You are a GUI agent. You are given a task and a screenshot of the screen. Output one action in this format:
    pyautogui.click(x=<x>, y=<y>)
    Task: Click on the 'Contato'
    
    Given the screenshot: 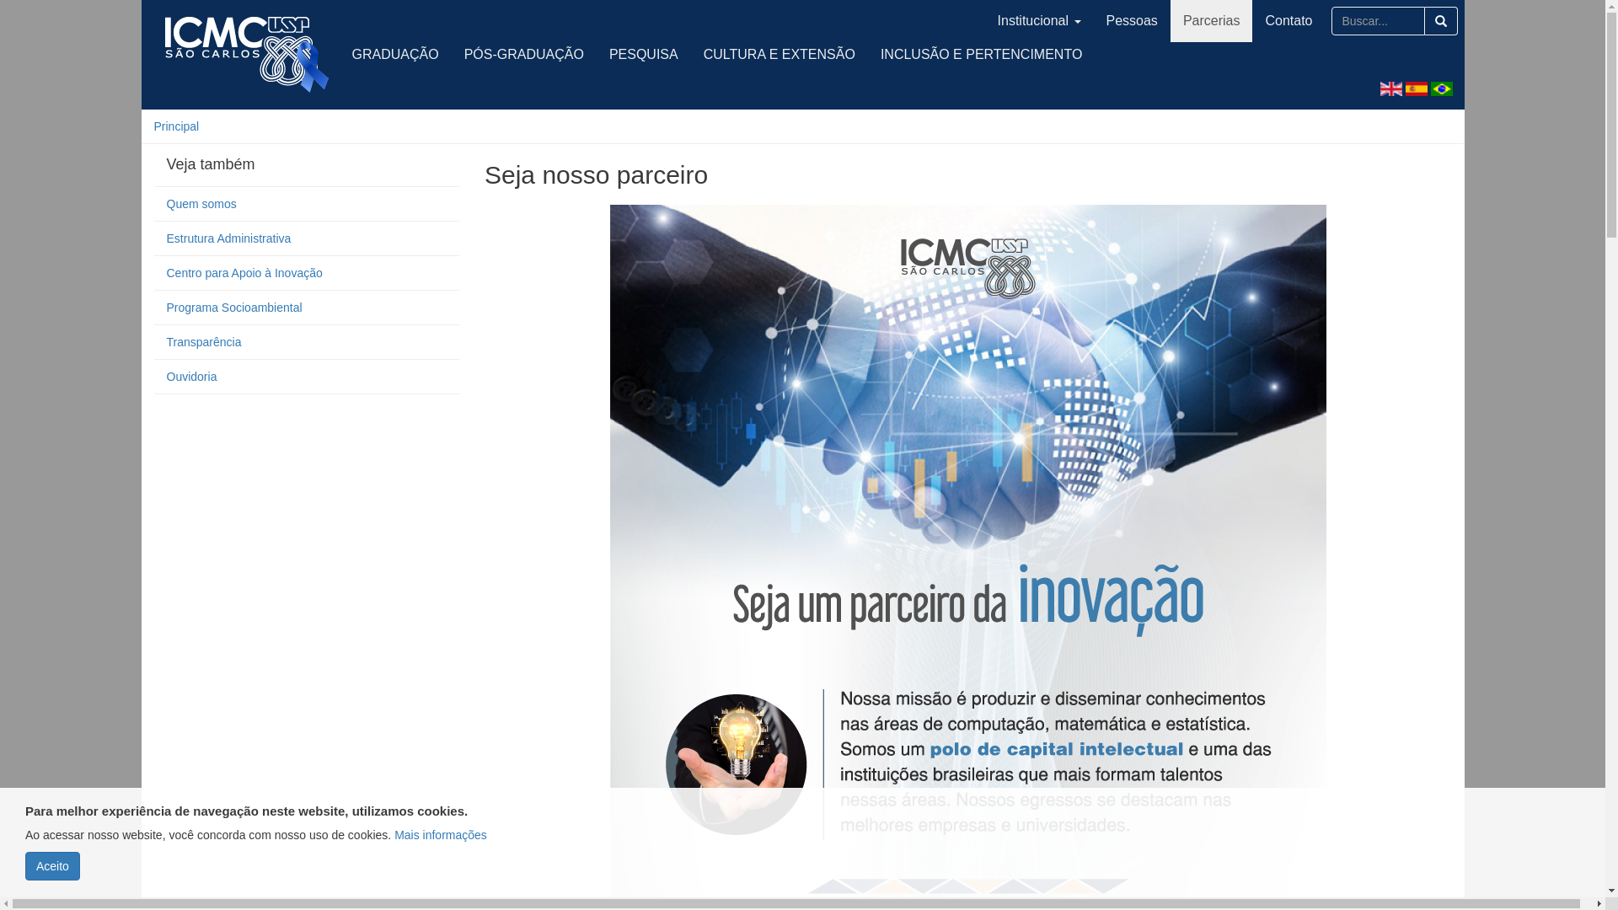 What is the action you would take?
    pyautogui.click(x=1252, y=20)
    